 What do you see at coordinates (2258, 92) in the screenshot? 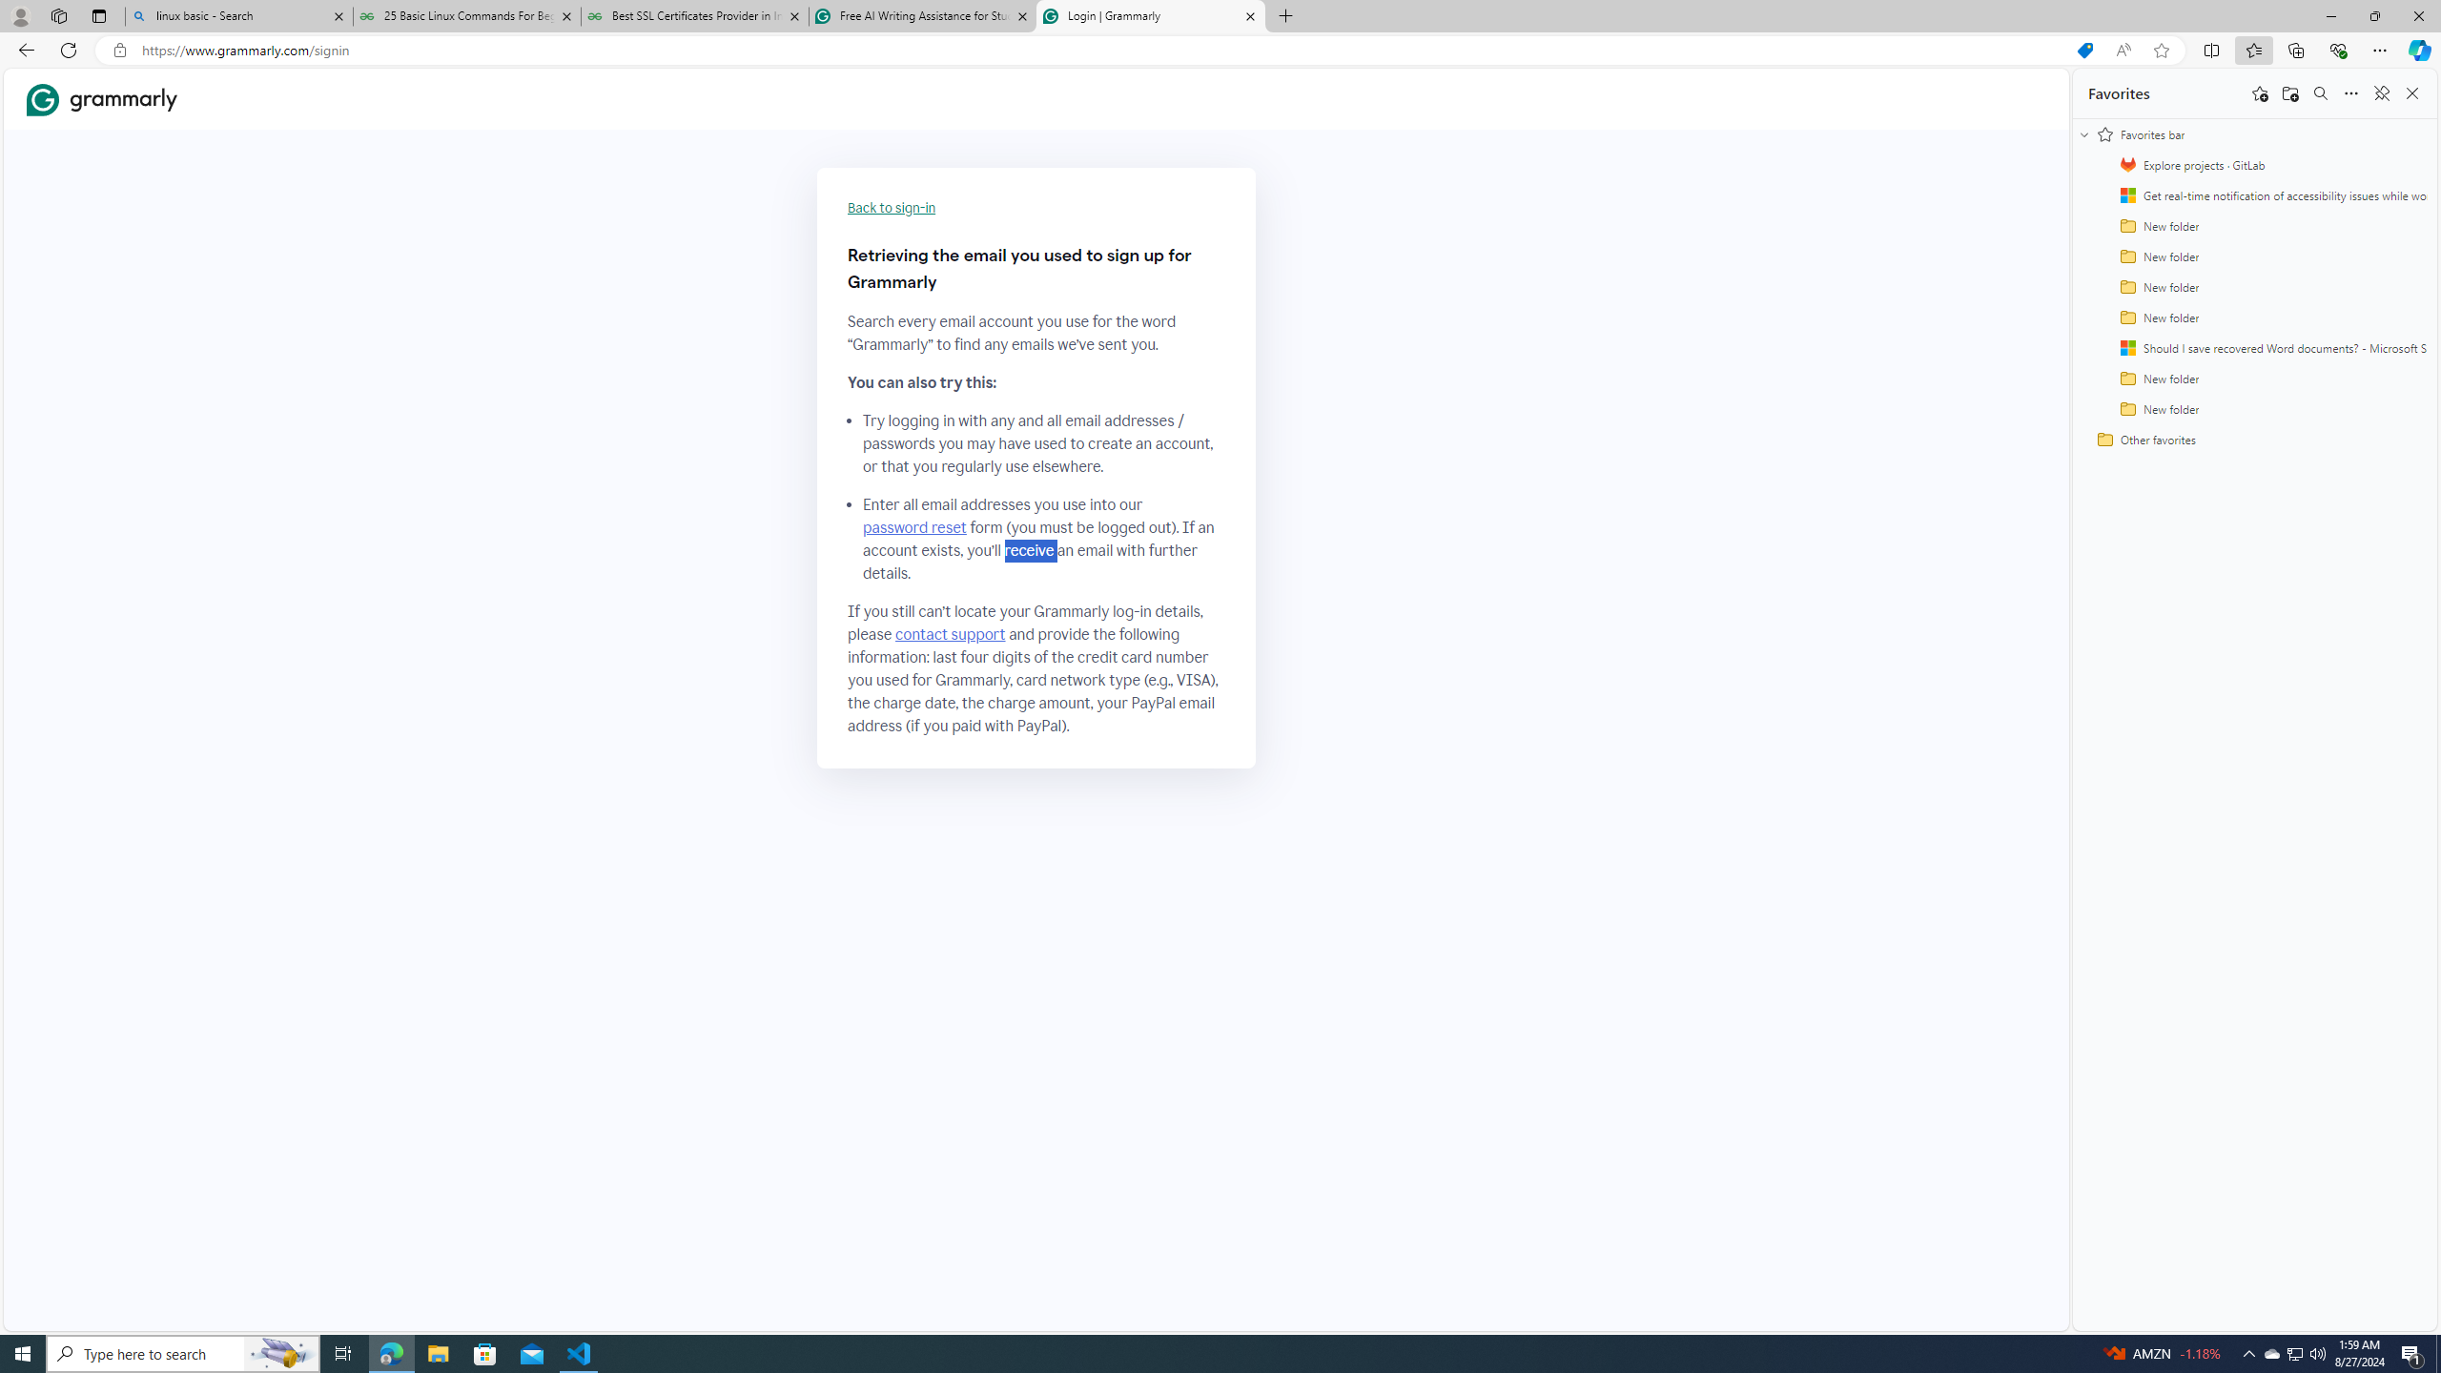
I see `'Add this page to favorites'` at bounding box center [2258, 92].